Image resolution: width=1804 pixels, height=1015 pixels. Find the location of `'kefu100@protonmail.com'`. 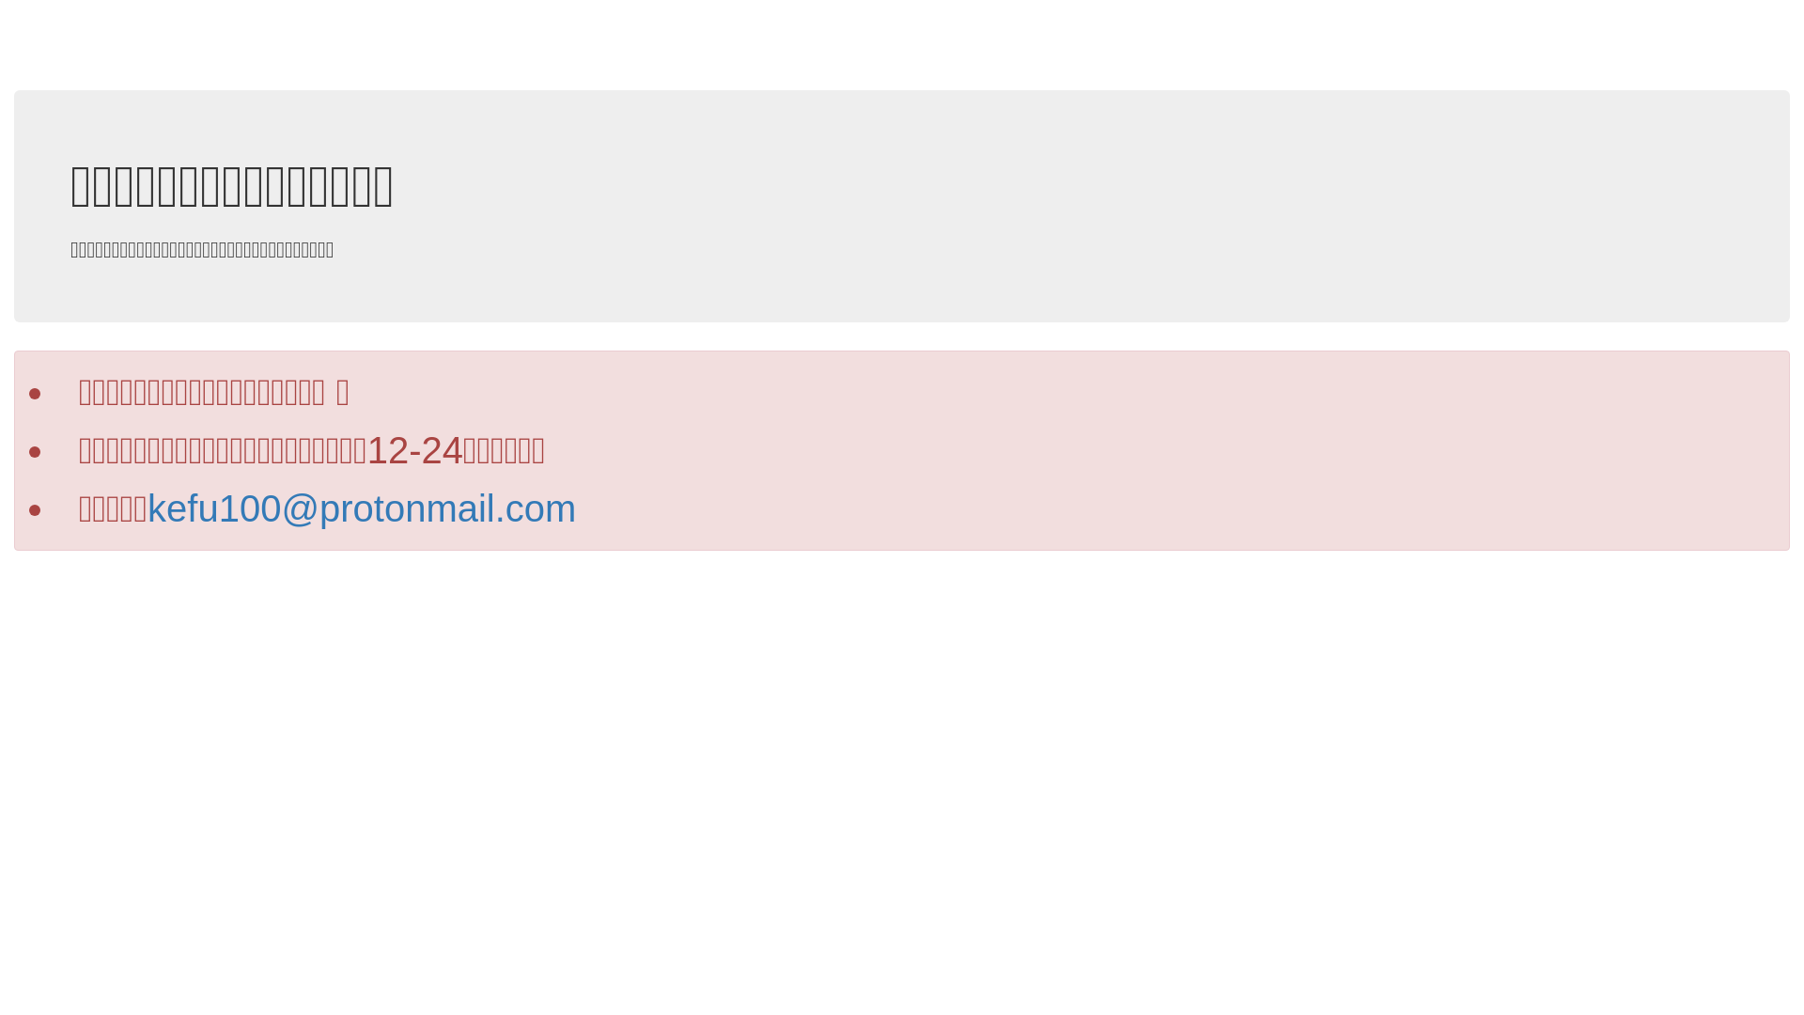

'kefu100@protonmail.com' is located at coordinates (361, 507).